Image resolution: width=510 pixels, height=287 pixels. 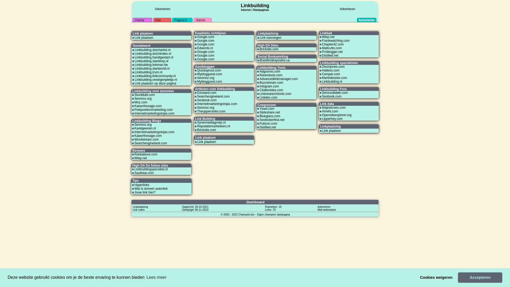 I want to click on 'Link plaatsen', so click(x=135, y=37).